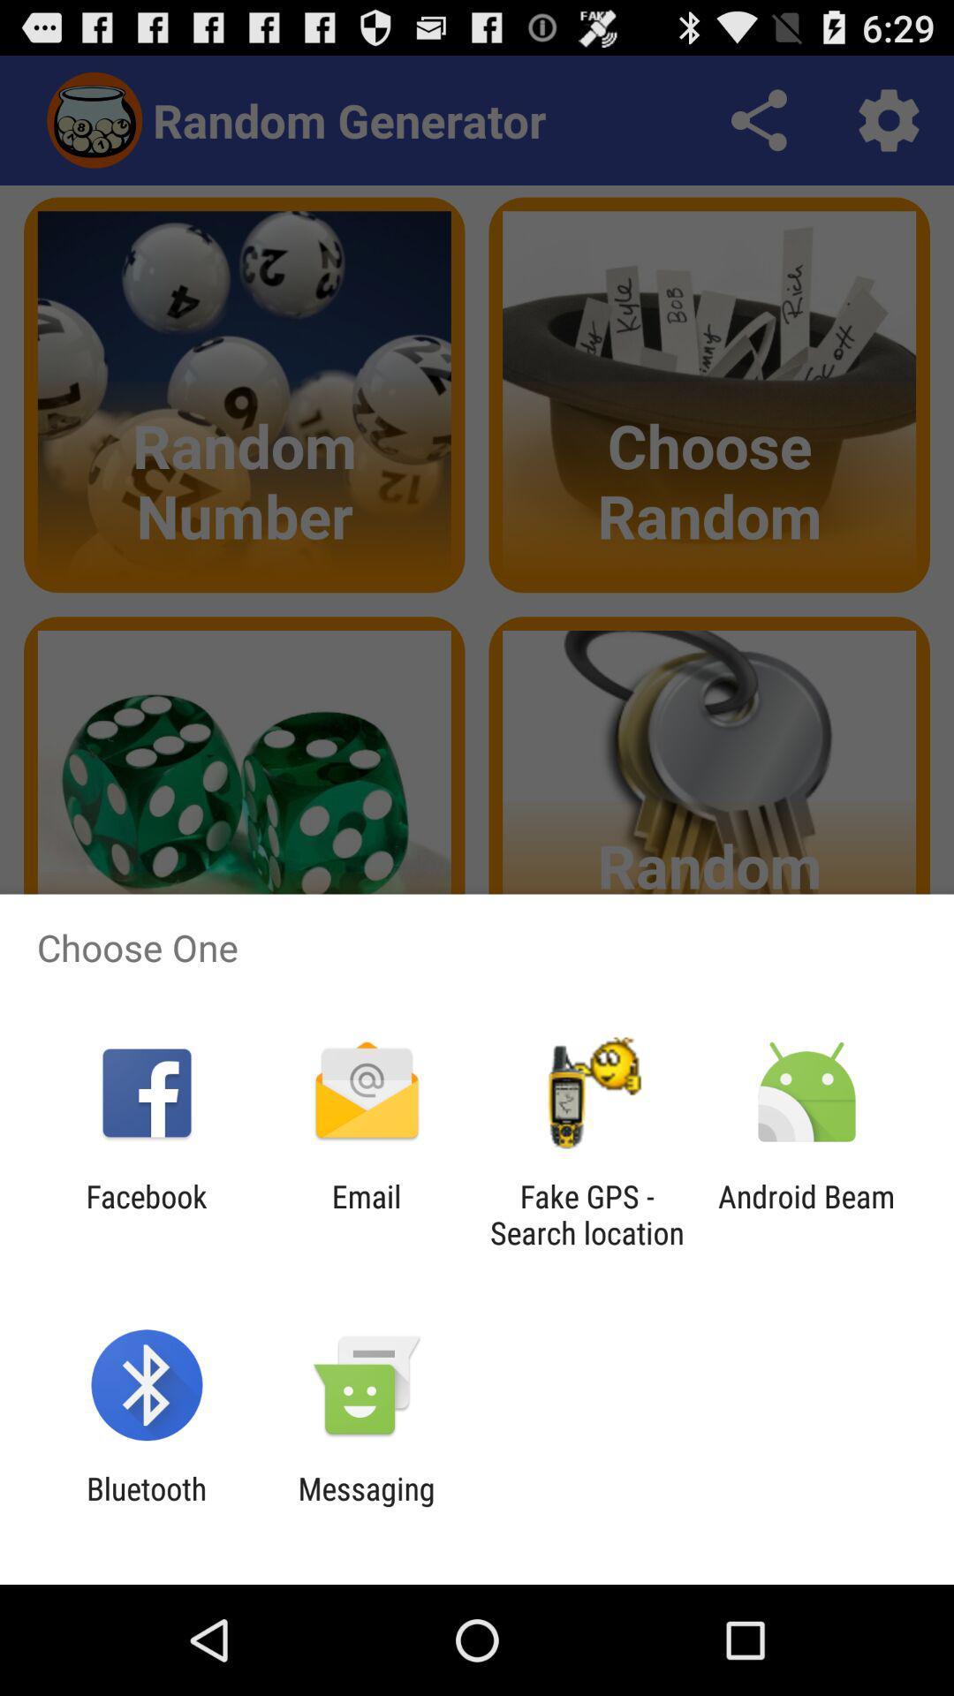 The image size is (954, 1696). What do you see at coordinates (806, 1214) in the screenshot?
I see `icon to the right of fake gps search icon` at bounding box center [806, 1214].